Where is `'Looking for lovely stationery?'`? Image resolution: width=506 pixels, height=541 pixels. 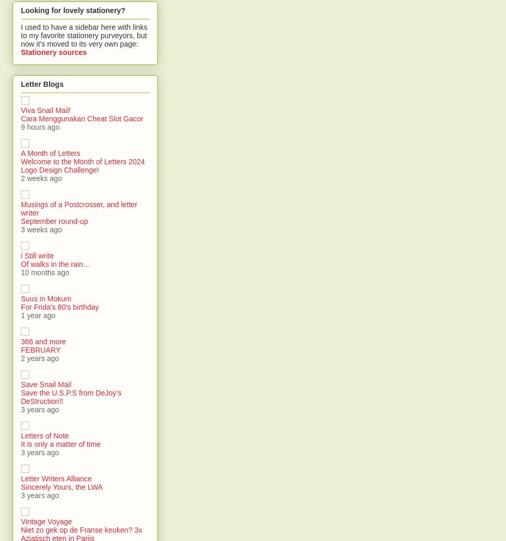 'Looking for lovely stationery?' is located at coordinates (72, 10).